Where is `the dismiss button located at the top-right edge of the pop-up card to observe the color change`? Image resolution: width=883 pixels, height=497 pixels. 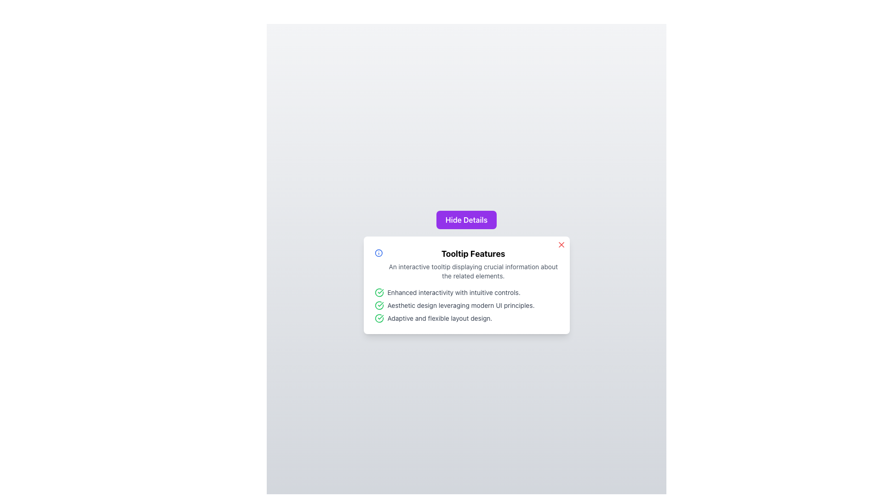 the dismiss button located at the top-right edge of the pop-up card to observe the color change is located at coordinates (561, 244).